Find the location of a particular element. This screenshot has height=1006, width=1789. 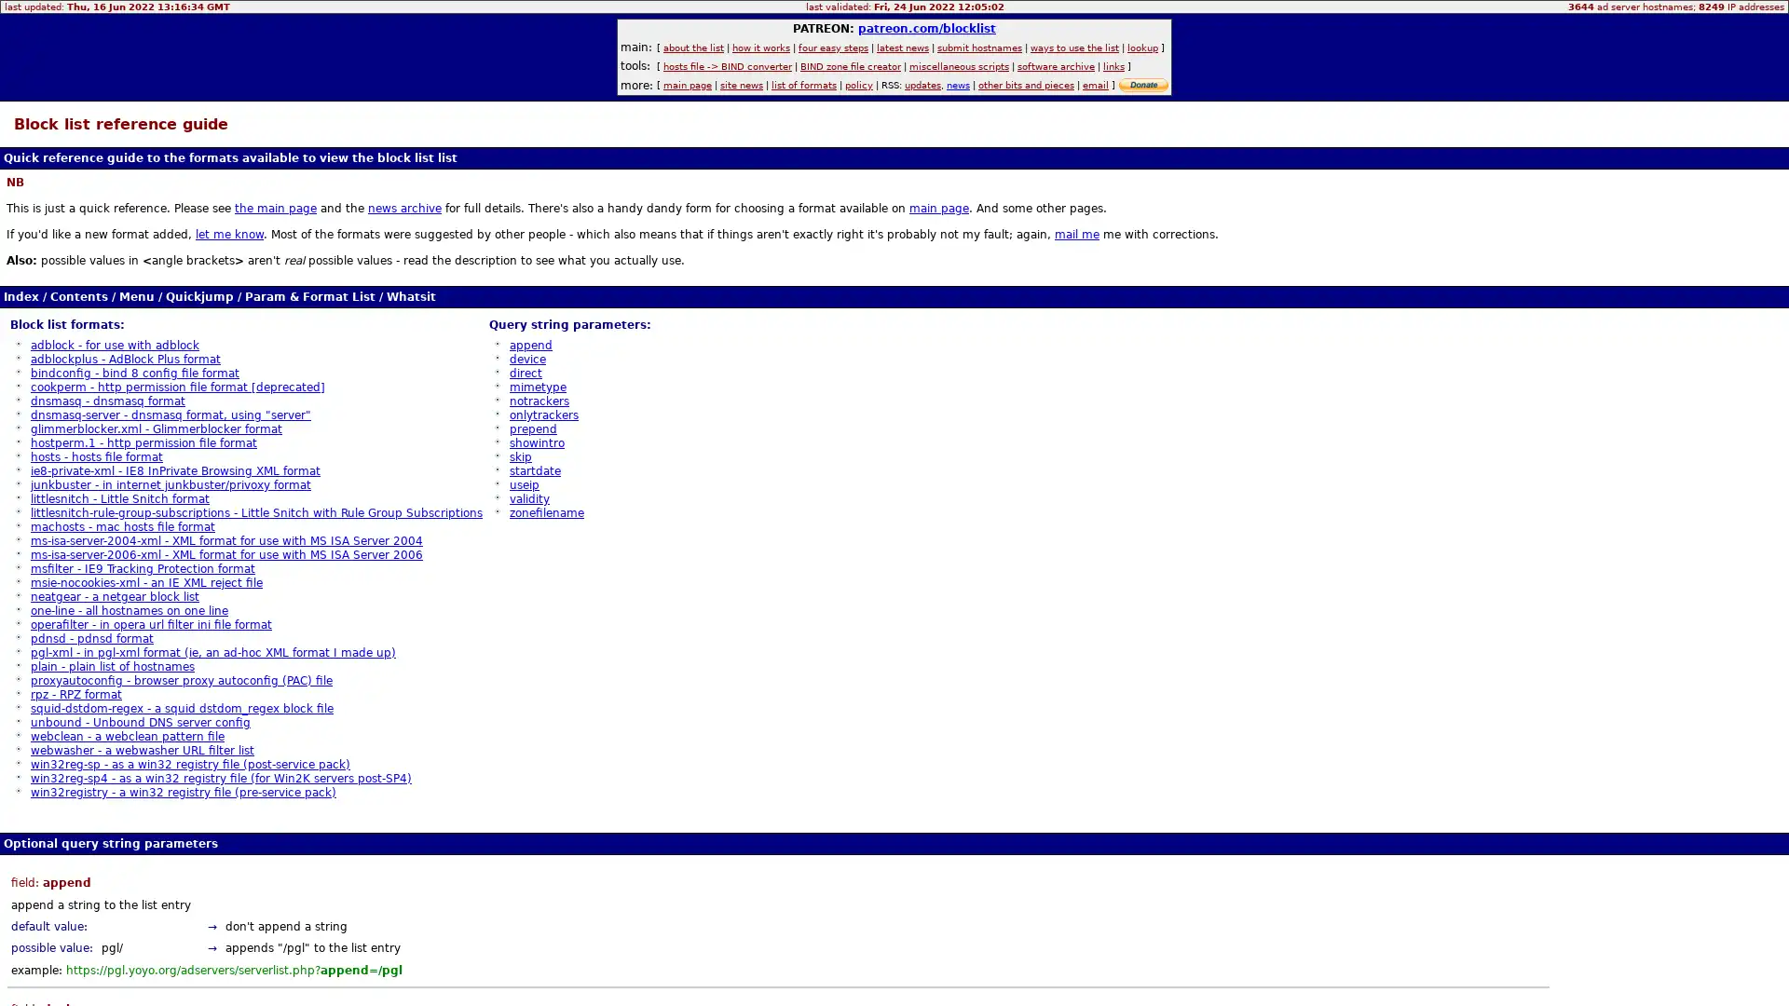

donate via PayPal is located at coordinates (1142, 85).